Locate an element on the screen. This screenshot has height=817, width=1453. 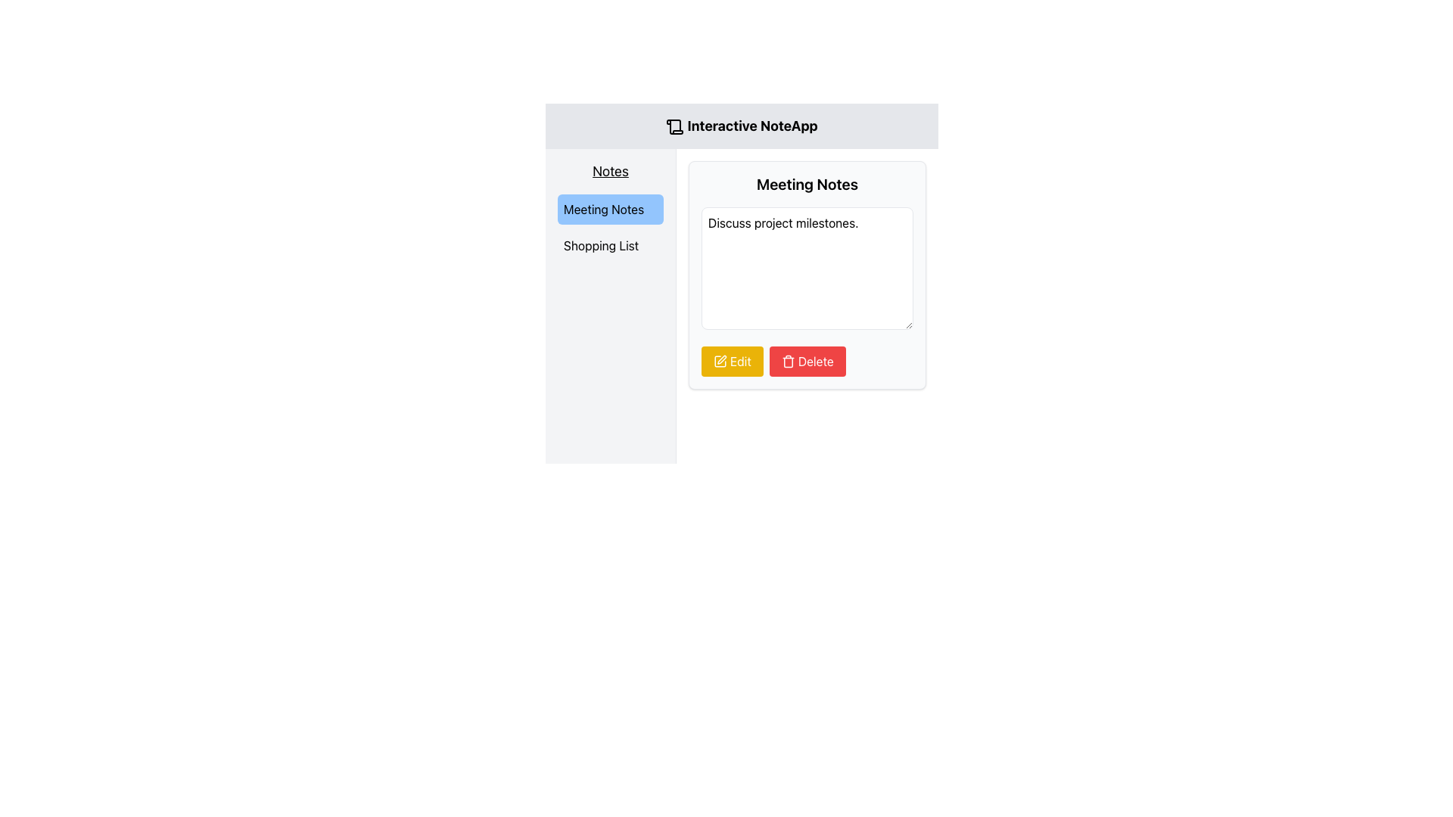
the leftmost button in the two-button group located below the 'Meeting Notes' text input area is located at coordinates (732, 362).